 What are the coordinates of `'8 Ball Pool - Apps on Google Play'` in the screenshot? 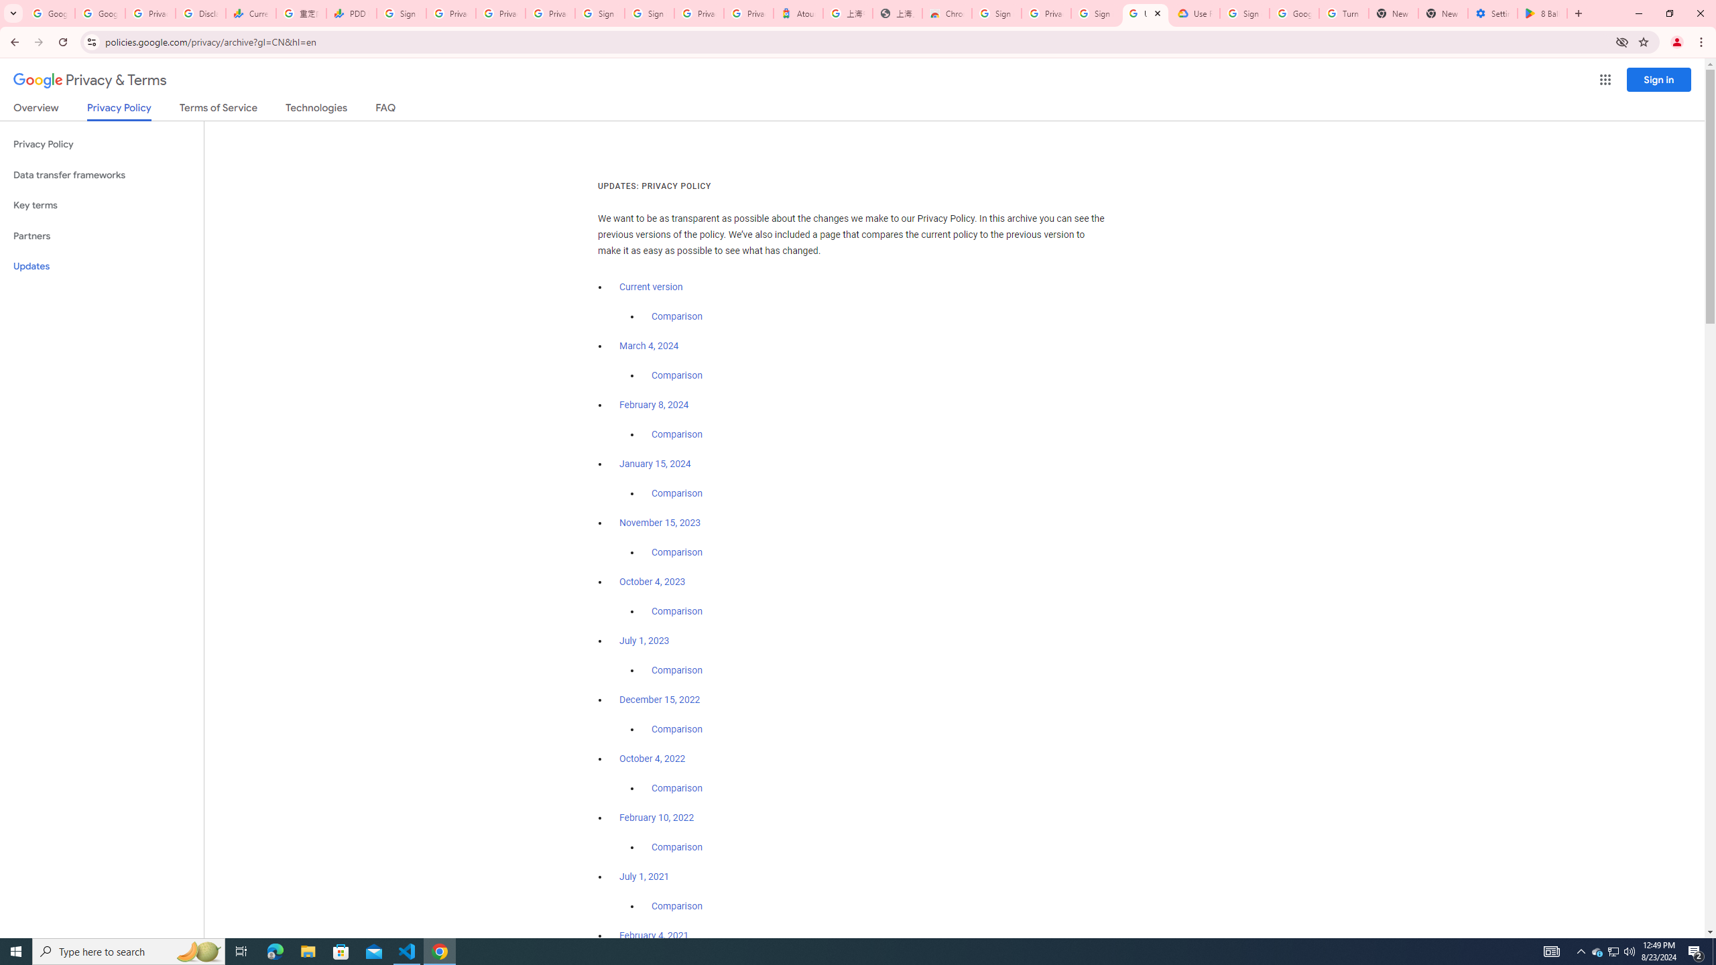 It's located at (1542, 13).